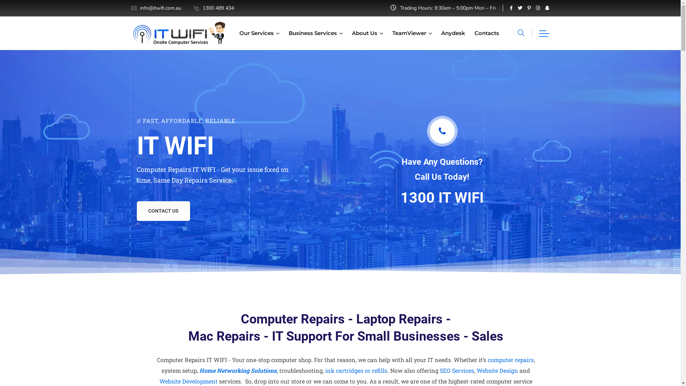 This screenshot has height=386, width=686. What do you see at coordinates (351, 33) in the screenshot?
I see `'About Us'` at bounding box center [351, 33].